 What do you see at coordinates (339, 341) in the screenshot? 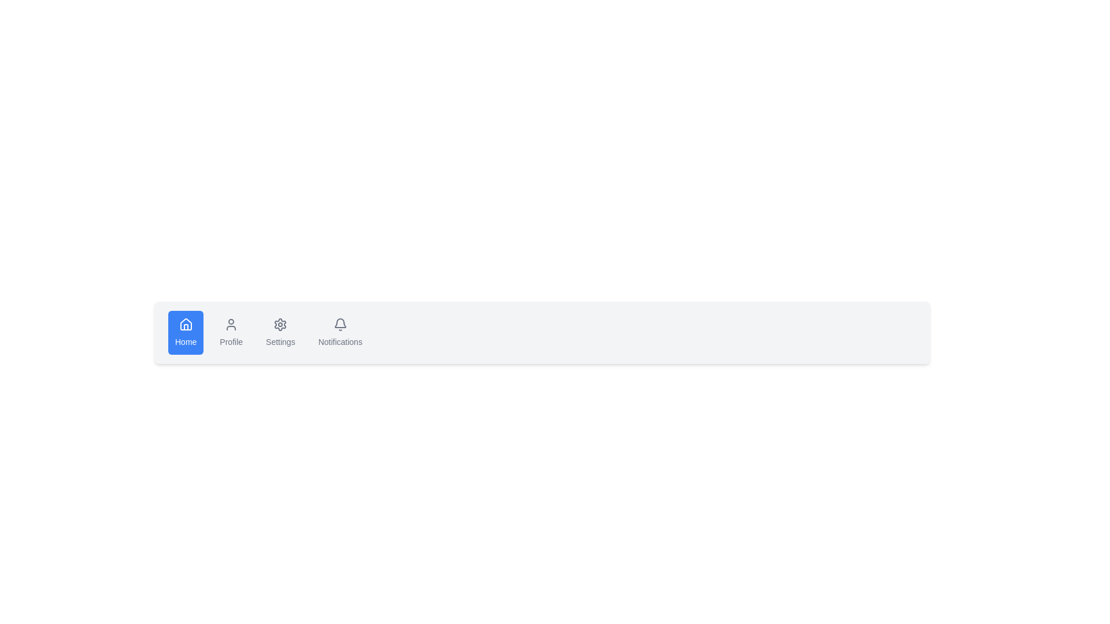
I see `text label displaying 'Notifications', which is styled in a smaller gray font and positioned below a bell icon within a menu-like list` at bounding box center [339, 341].